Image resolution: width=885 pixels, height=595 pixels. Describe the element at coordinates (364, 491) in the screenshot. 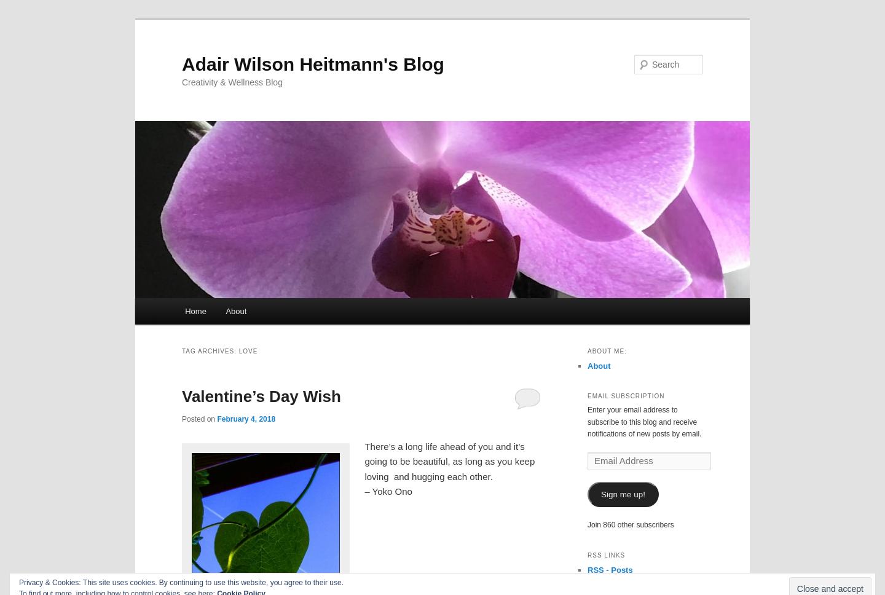

I see `'– Yoko Ono'` at that location.